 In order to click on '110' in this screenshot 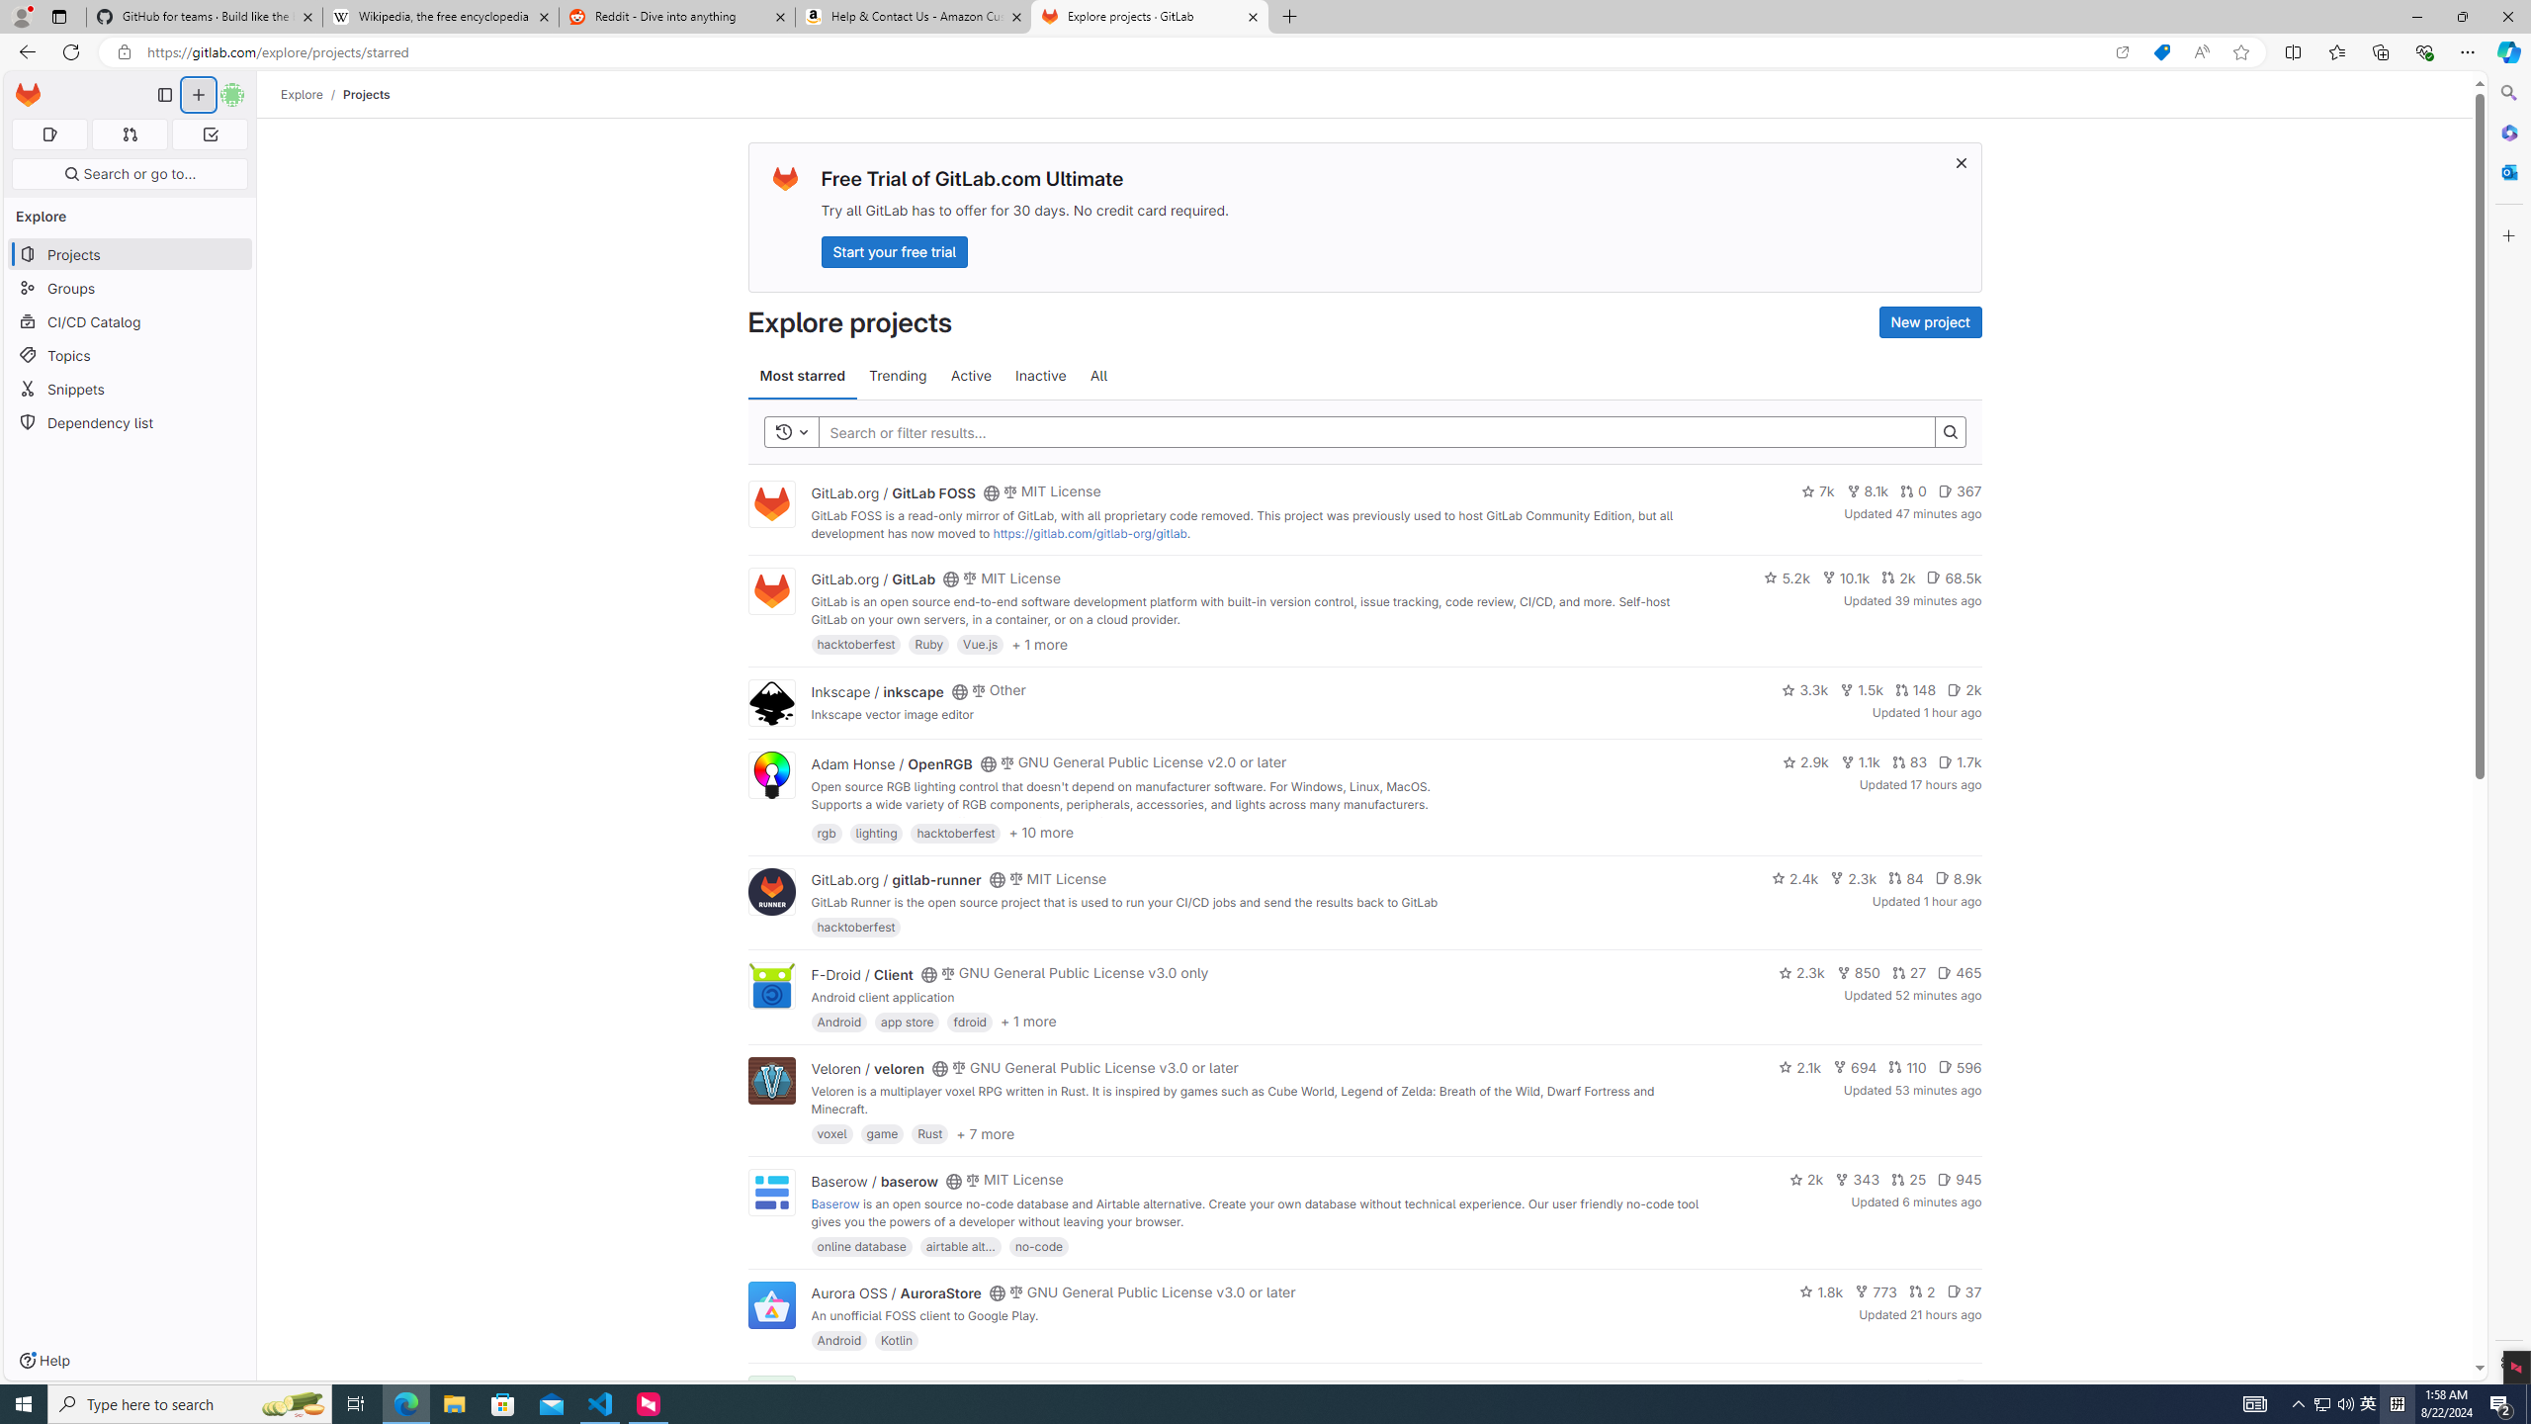, I will do `click(1906, 1067)`.